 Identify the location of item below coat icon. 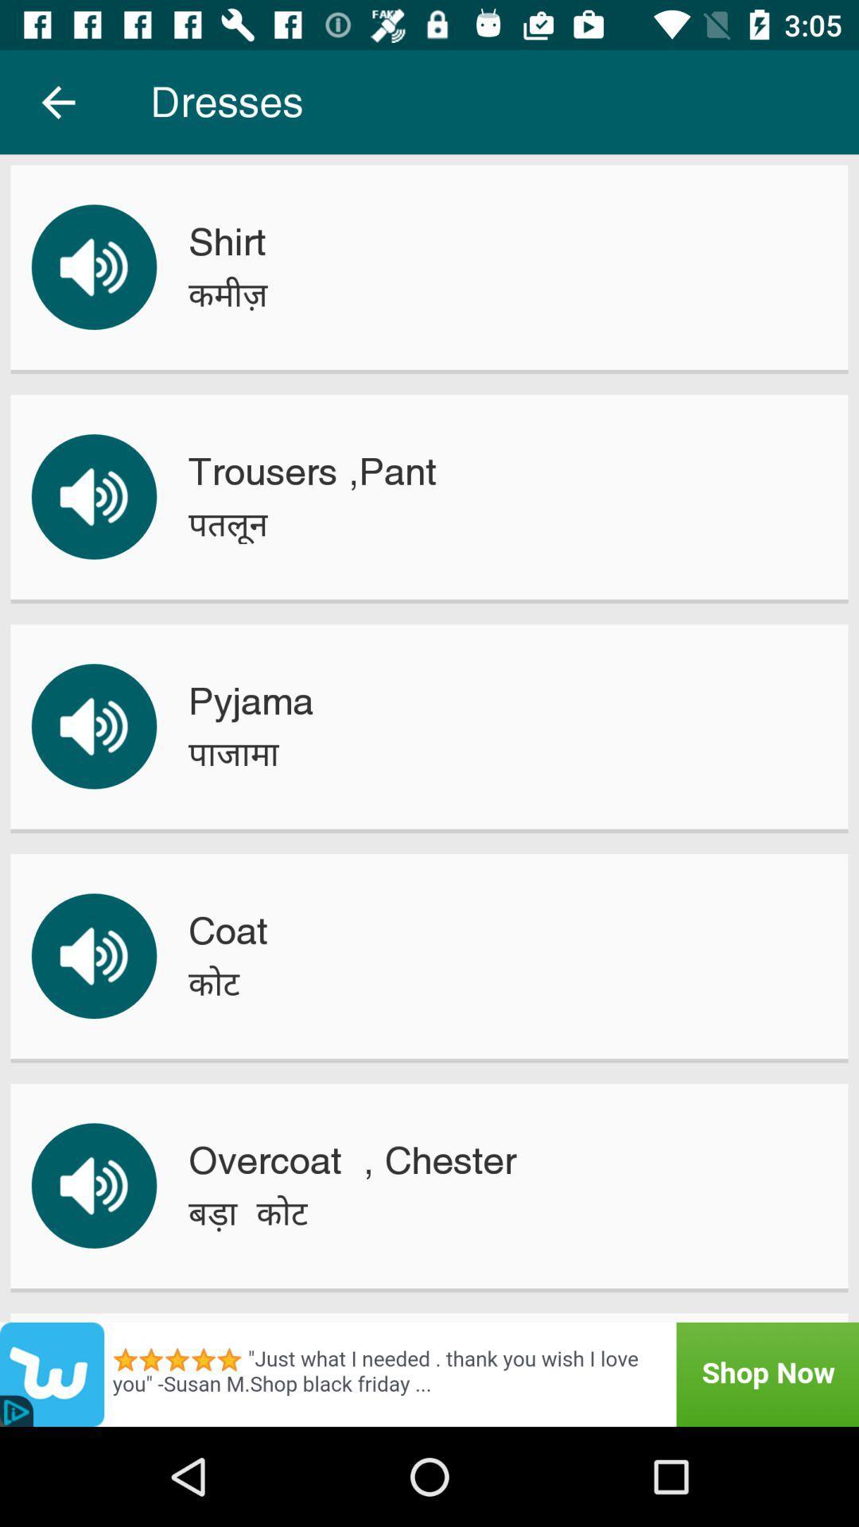
(213, 982).